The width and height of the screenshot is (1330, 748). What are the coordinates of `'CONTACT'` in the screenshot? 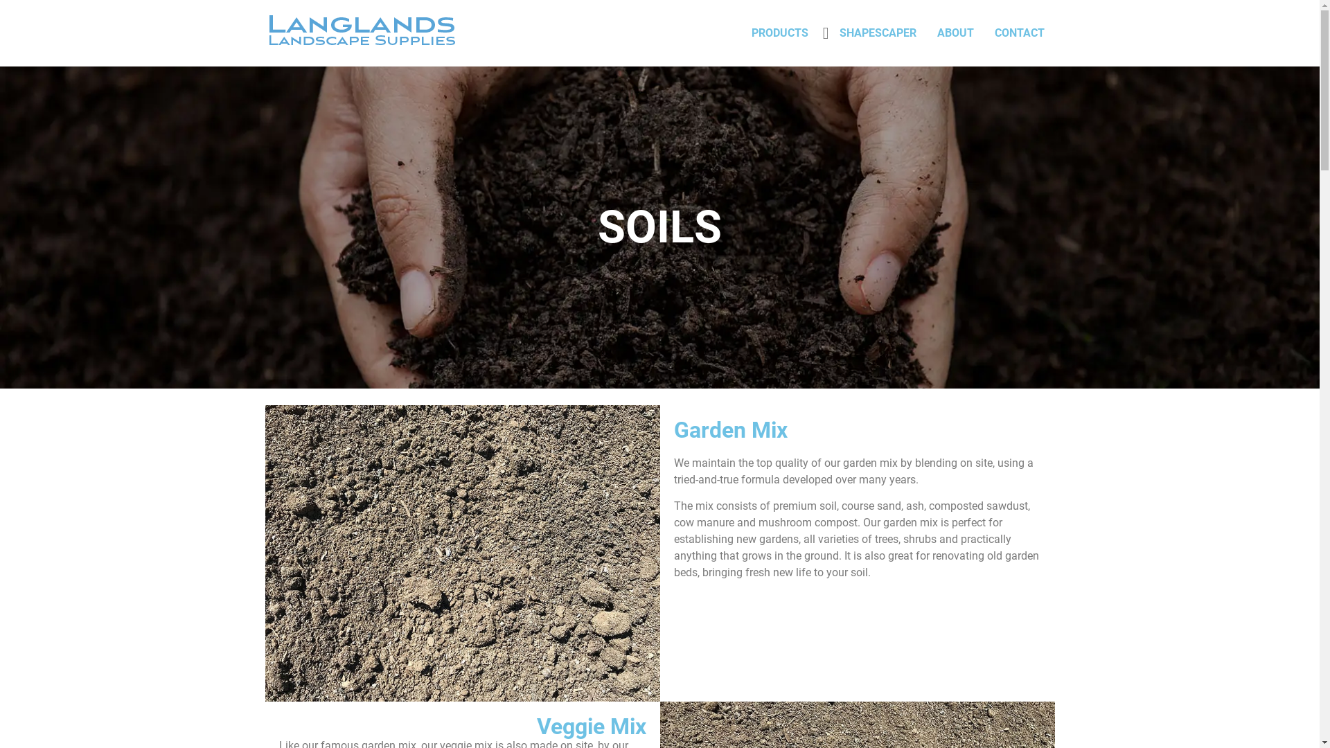 It's located at (983, 32).